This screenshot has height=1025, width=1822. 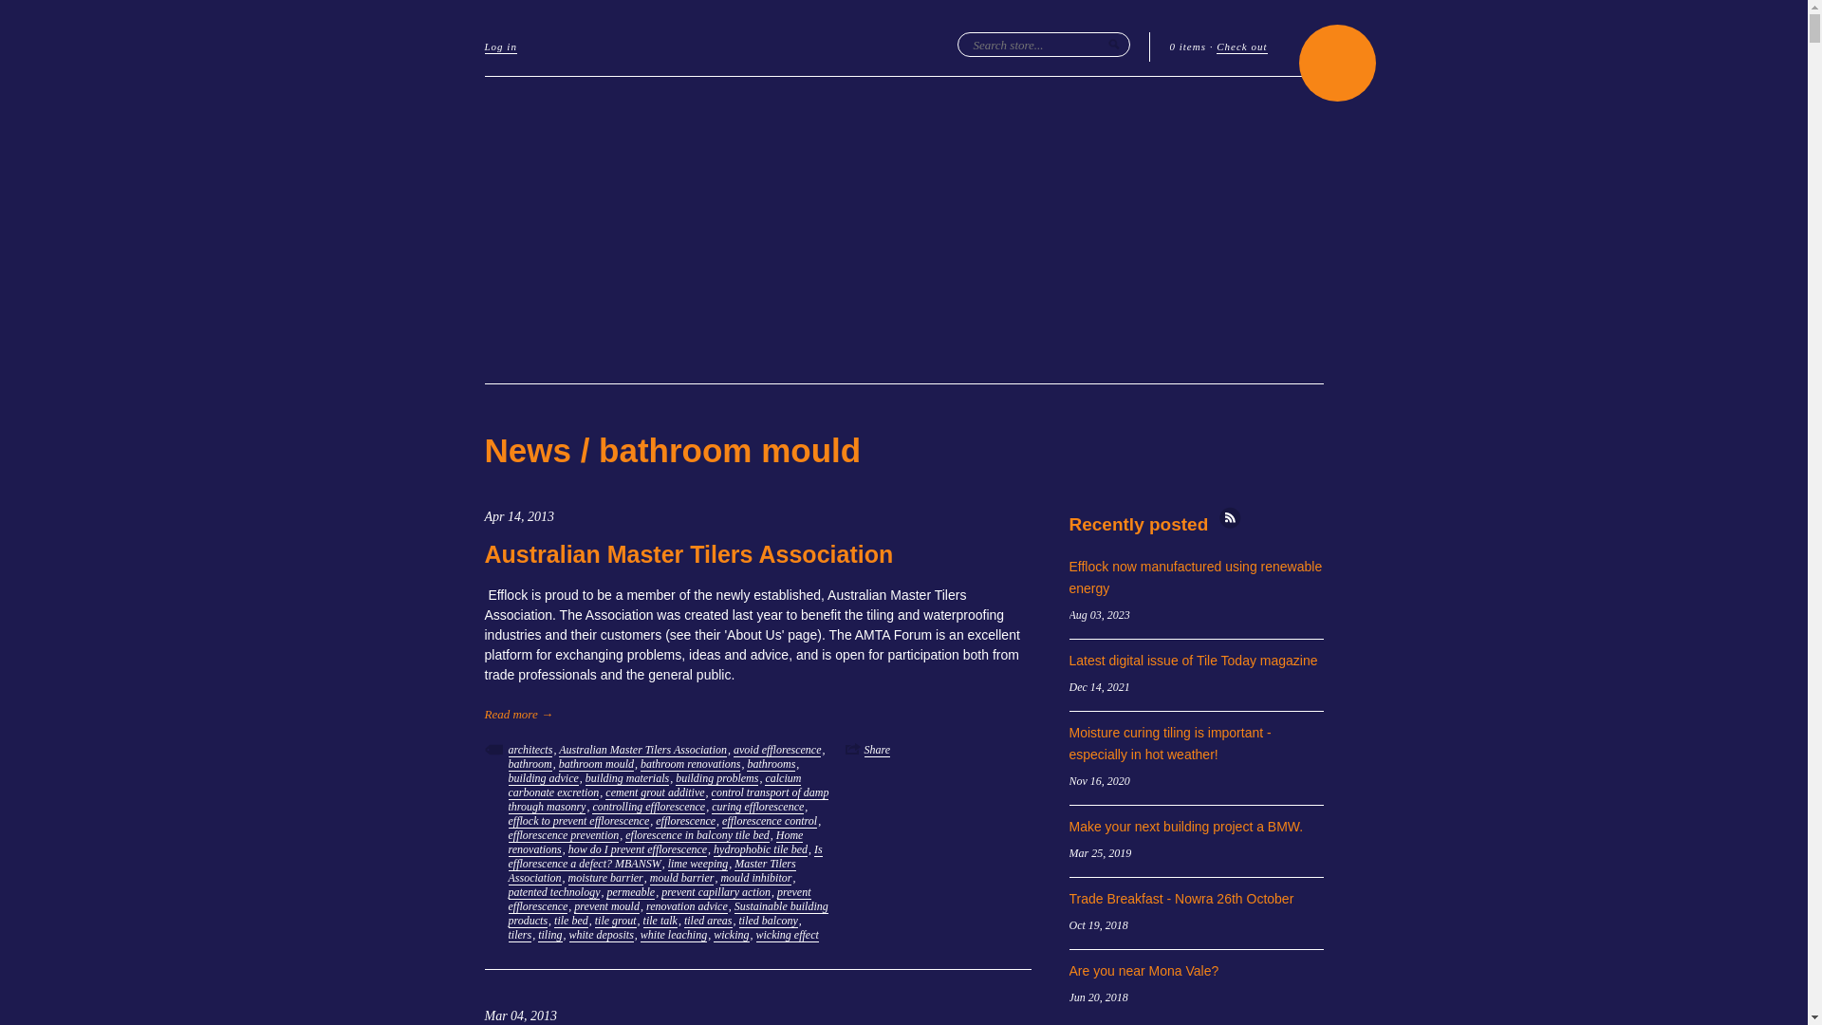 I want to click on 'Make your next building project a BMW.', so click(x=1184, y=826).